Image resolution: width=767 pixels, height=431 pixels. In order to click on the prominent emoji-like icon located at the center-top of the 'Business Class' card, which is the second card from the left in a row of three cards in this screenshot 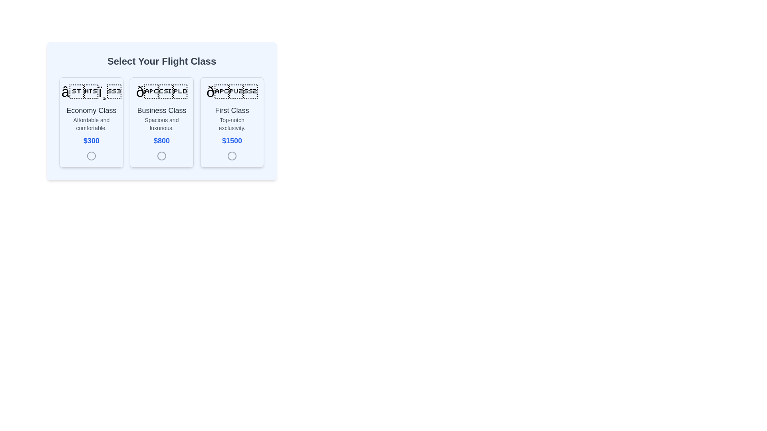, I will do `click(161, 92)`.